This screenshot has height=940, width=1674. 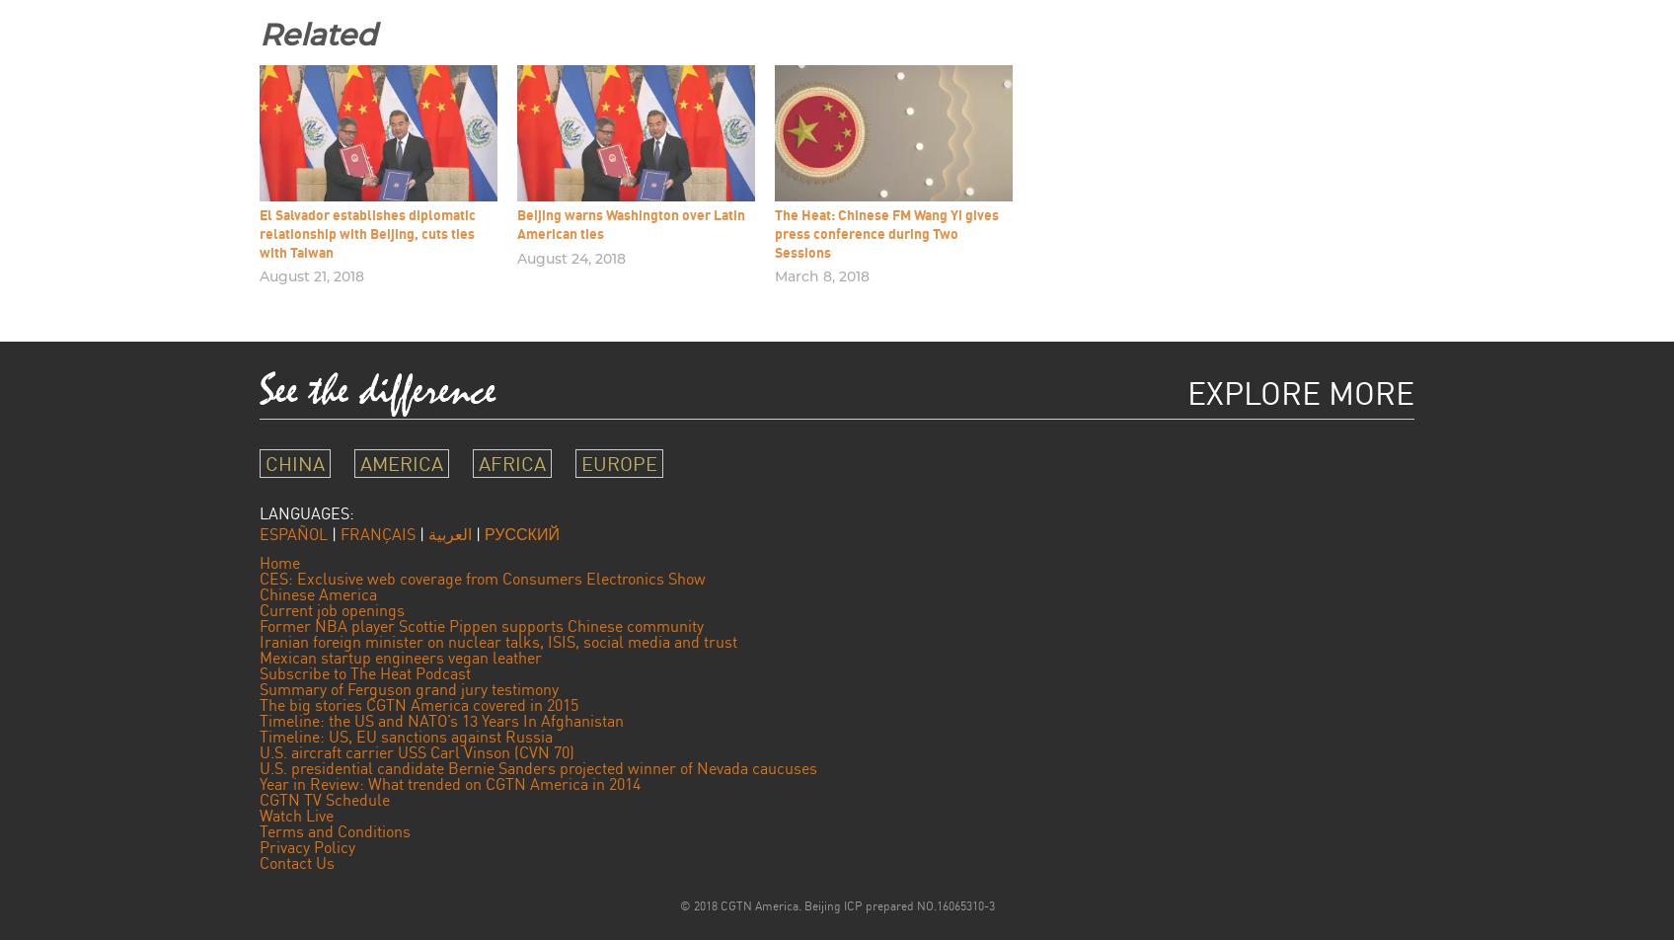 I want to click on 'CES: Exclusive web coverage from Consumers Electronics Show', so click(x=259, y=578).